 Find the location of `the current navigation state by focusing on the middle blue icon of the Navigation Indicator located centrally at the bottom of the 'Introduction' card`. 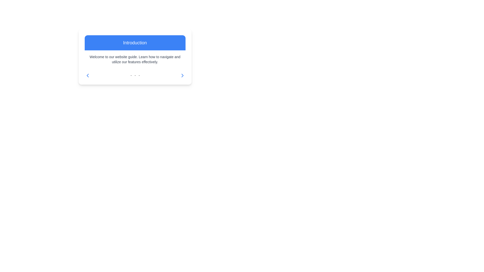

the current navigation state by focusing on the middle blue icon of the Navigation Indicator located centrally at the bottom of the 'Introduction' card is located at coordinates (135, 76).